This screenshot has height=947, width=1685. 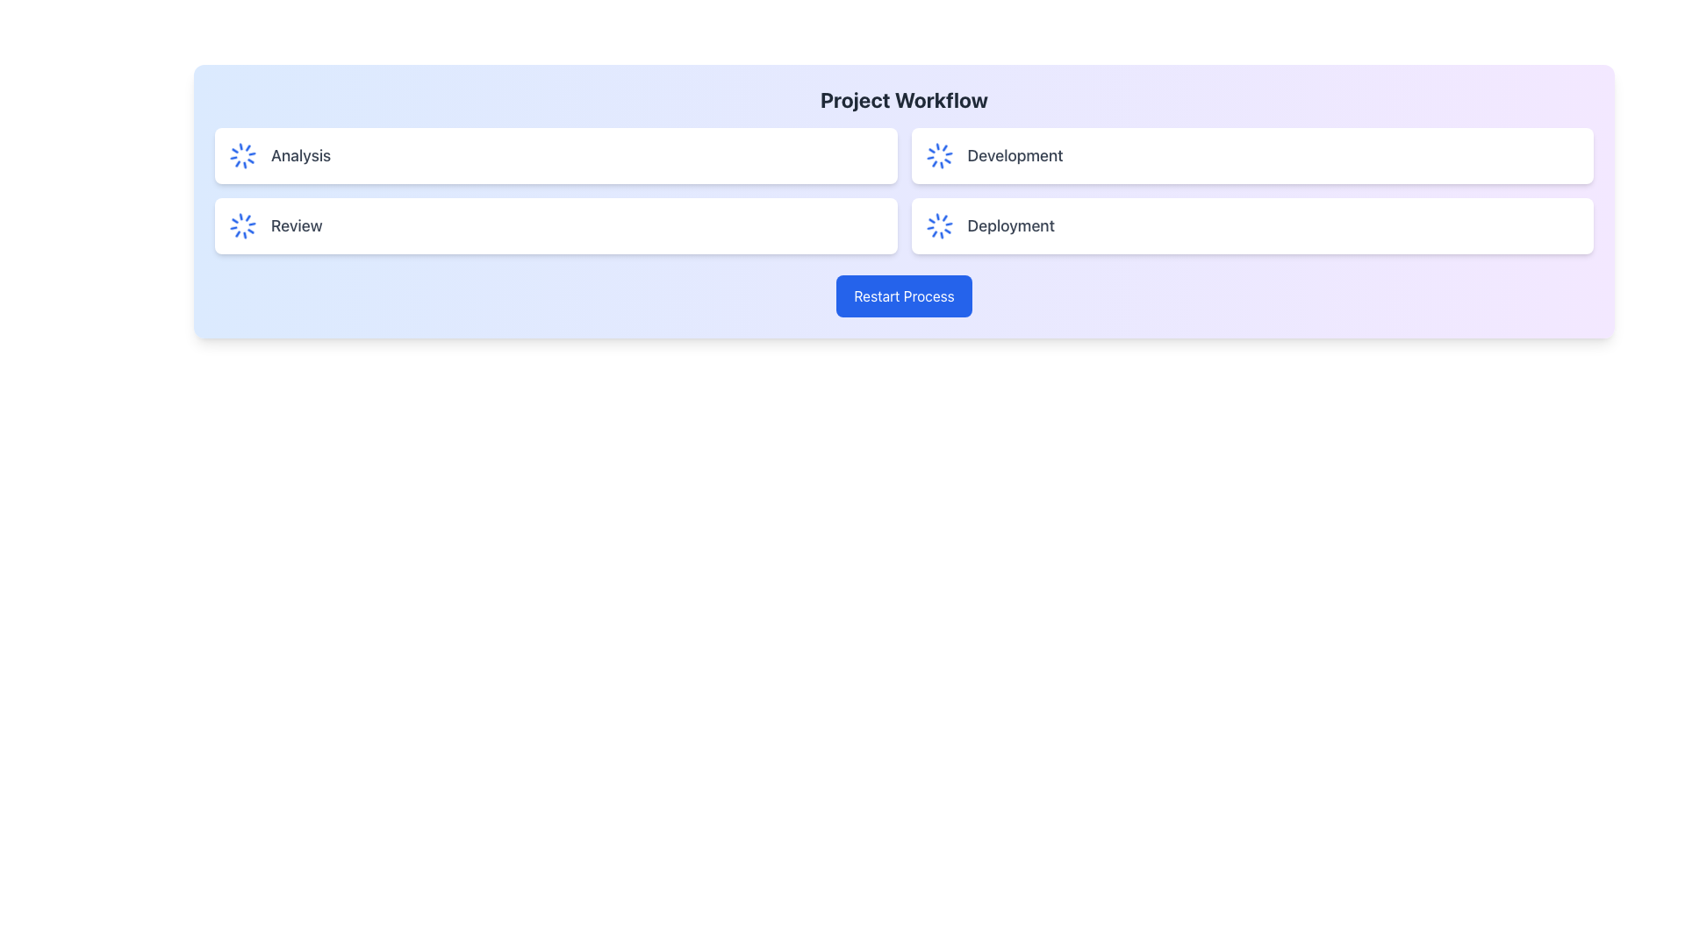 What do you see at coordinates (1251, 225) in the screenshot?
I see `the 'Deployment' stage button-like panel in the bottom-right section of the grid layout to indicate progress or activity` at bounding box center [1251, 225].